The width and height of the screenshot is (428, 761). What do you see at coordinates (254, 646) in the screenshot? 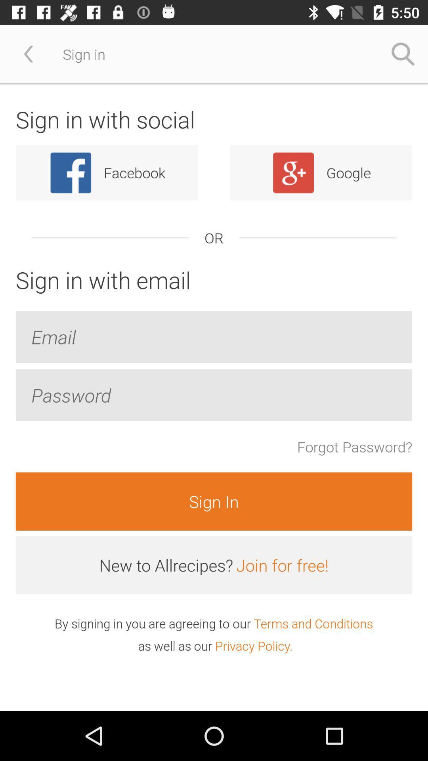
I see `the item next to the as well as icon` at bounding box center [254, 646].